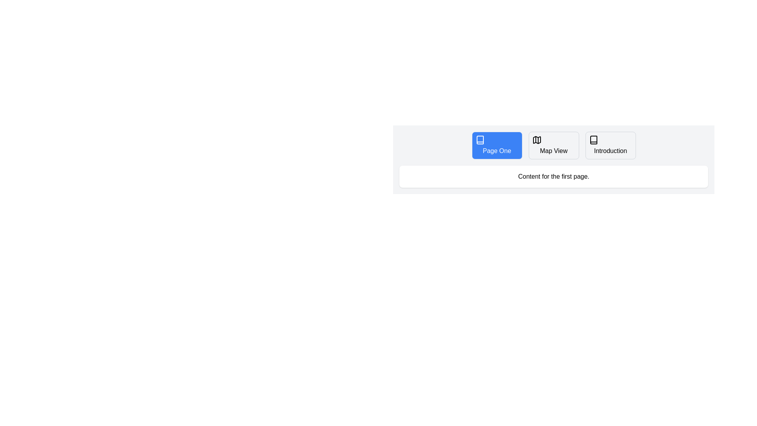 This screenshot has height=426, width=757. Describe the element at coordinates (610, 146) in the screenshot. I see `the 'Introduction' button, which is the third button in a row of three at the top center of the page, to possibly display a tooltip` at that location.